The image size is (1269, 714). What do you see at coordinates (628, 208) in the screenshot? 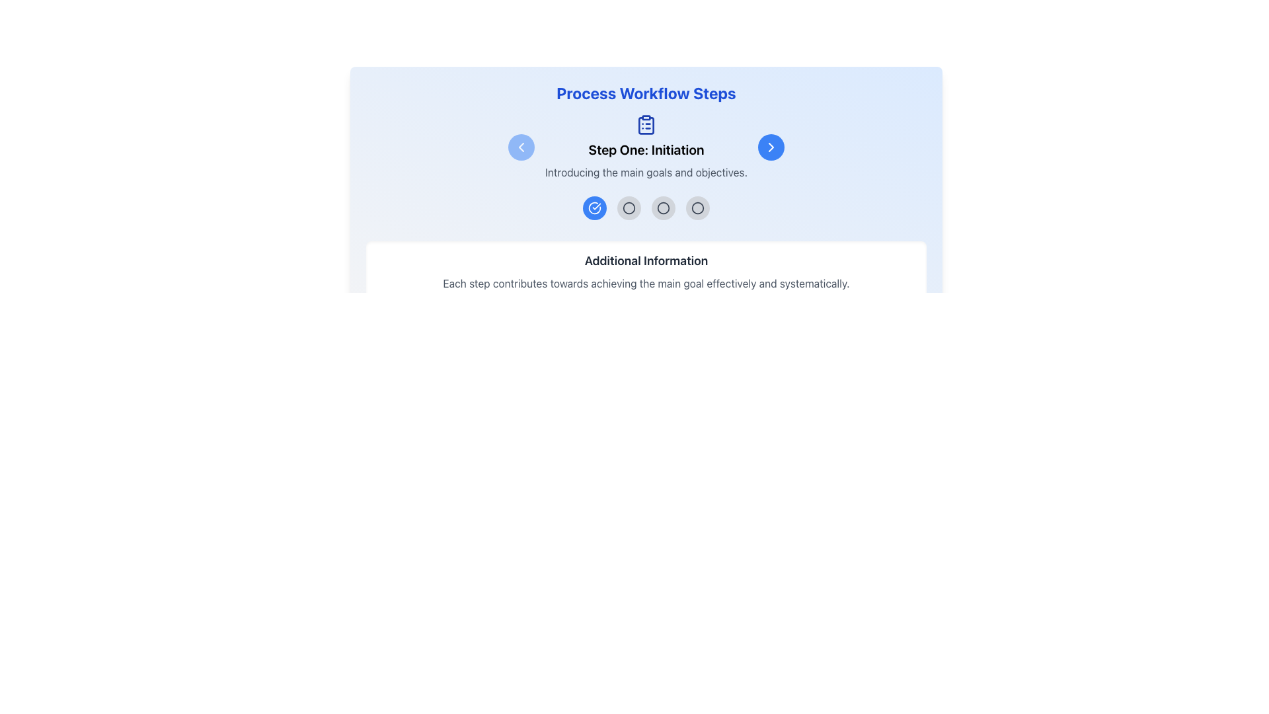
I see `the circular button with a light gray background and darker gray border, the second button from the left in a row of four buttons` at bounding box center [628, 208].